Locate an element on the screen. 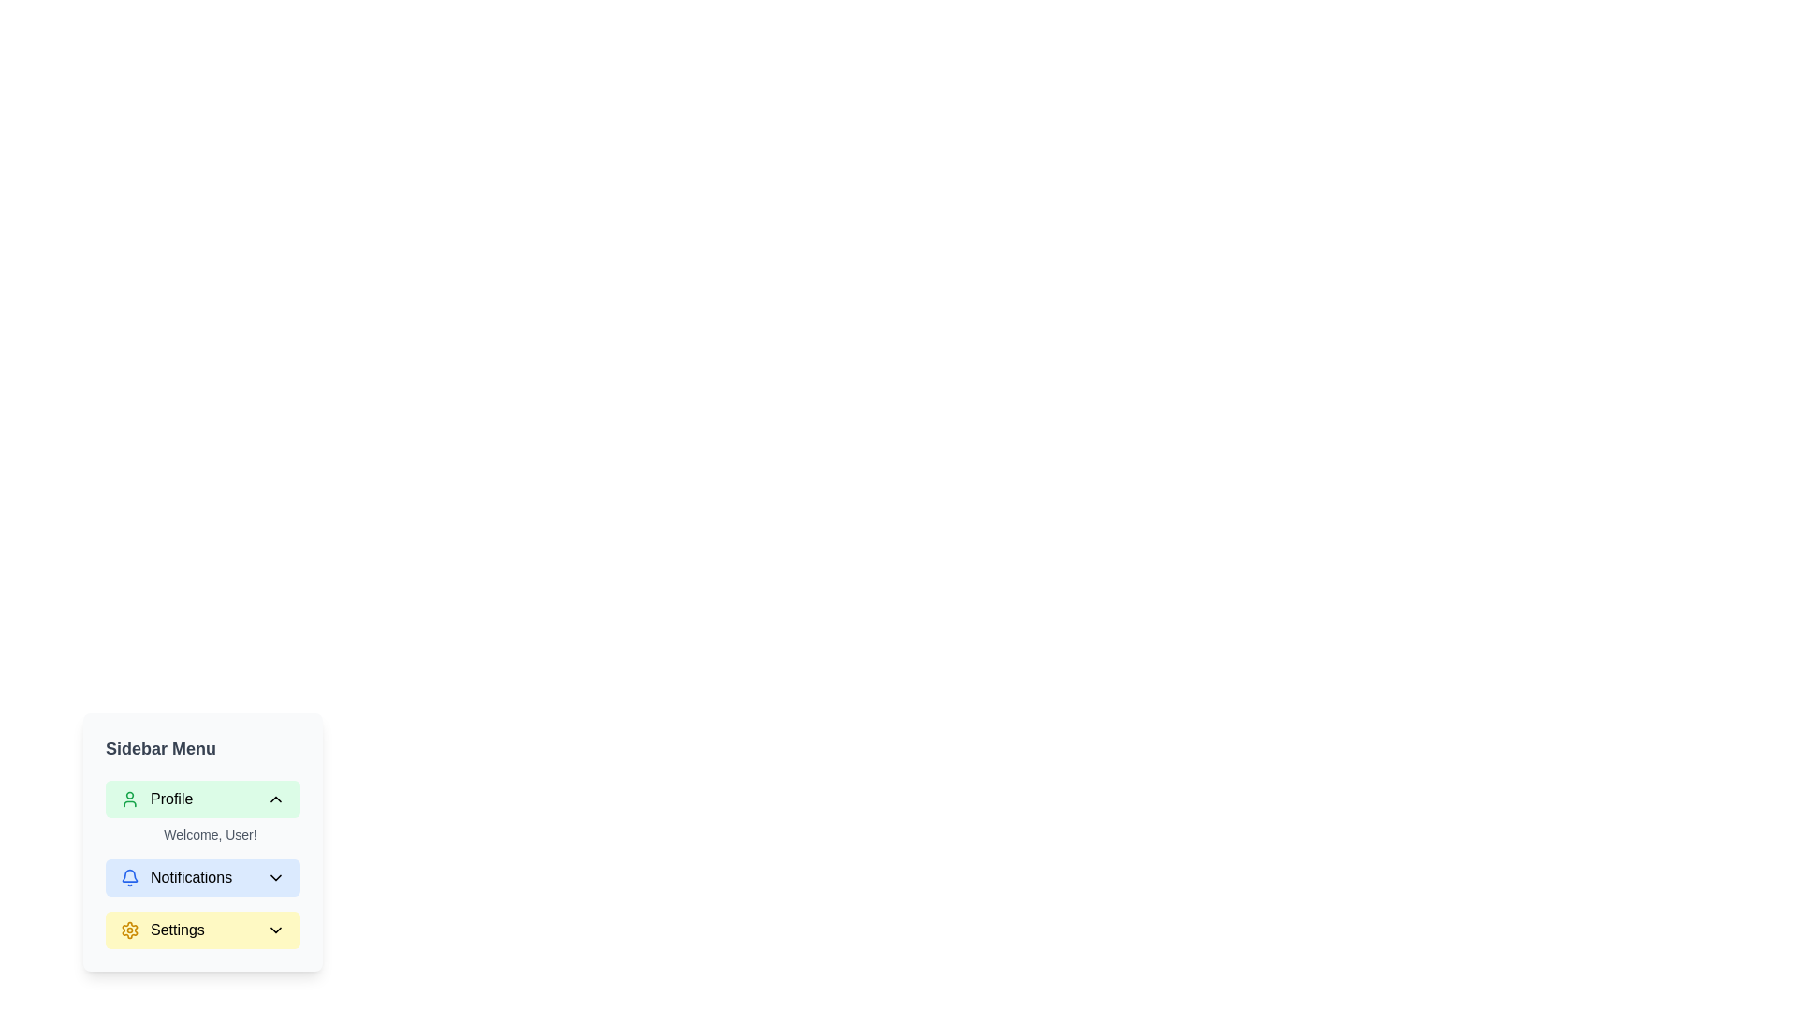 The width and height of the screenshot is (1797, 1011). the 'Profile' section in the sidebar menu is located at coordinates (202, 811).